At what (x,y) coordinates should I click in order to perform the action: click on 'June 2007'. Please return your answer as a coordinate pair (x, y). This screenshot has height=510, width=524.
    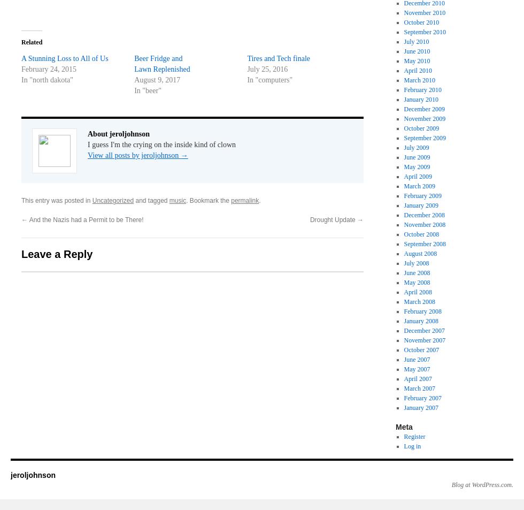
    Looking at the image, I should click on (403, 359).